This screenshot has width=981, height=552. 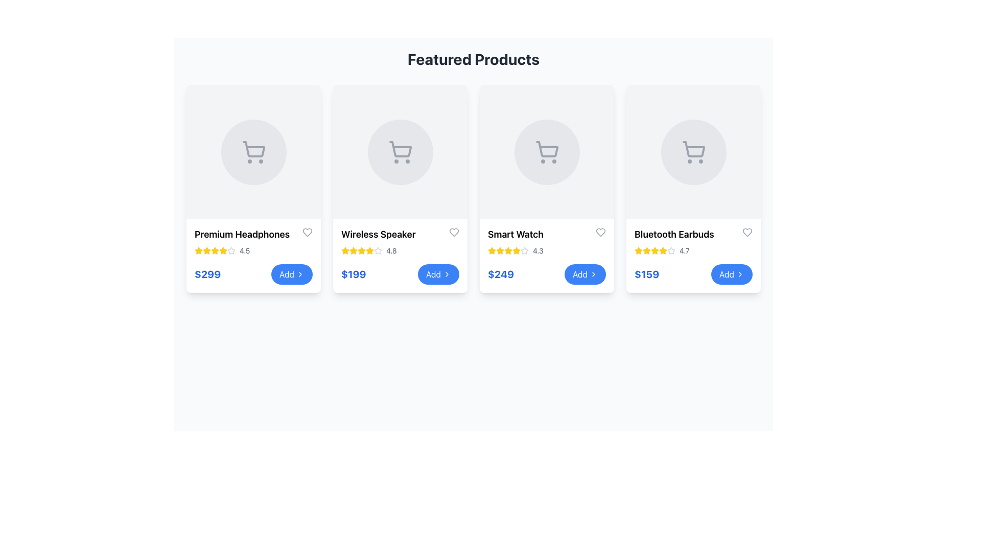 I want to click on the sixth star icon representing part of the user rating for the 'Premium Headphones' product card in the first column of the product grid, so click(x=222, y=250).